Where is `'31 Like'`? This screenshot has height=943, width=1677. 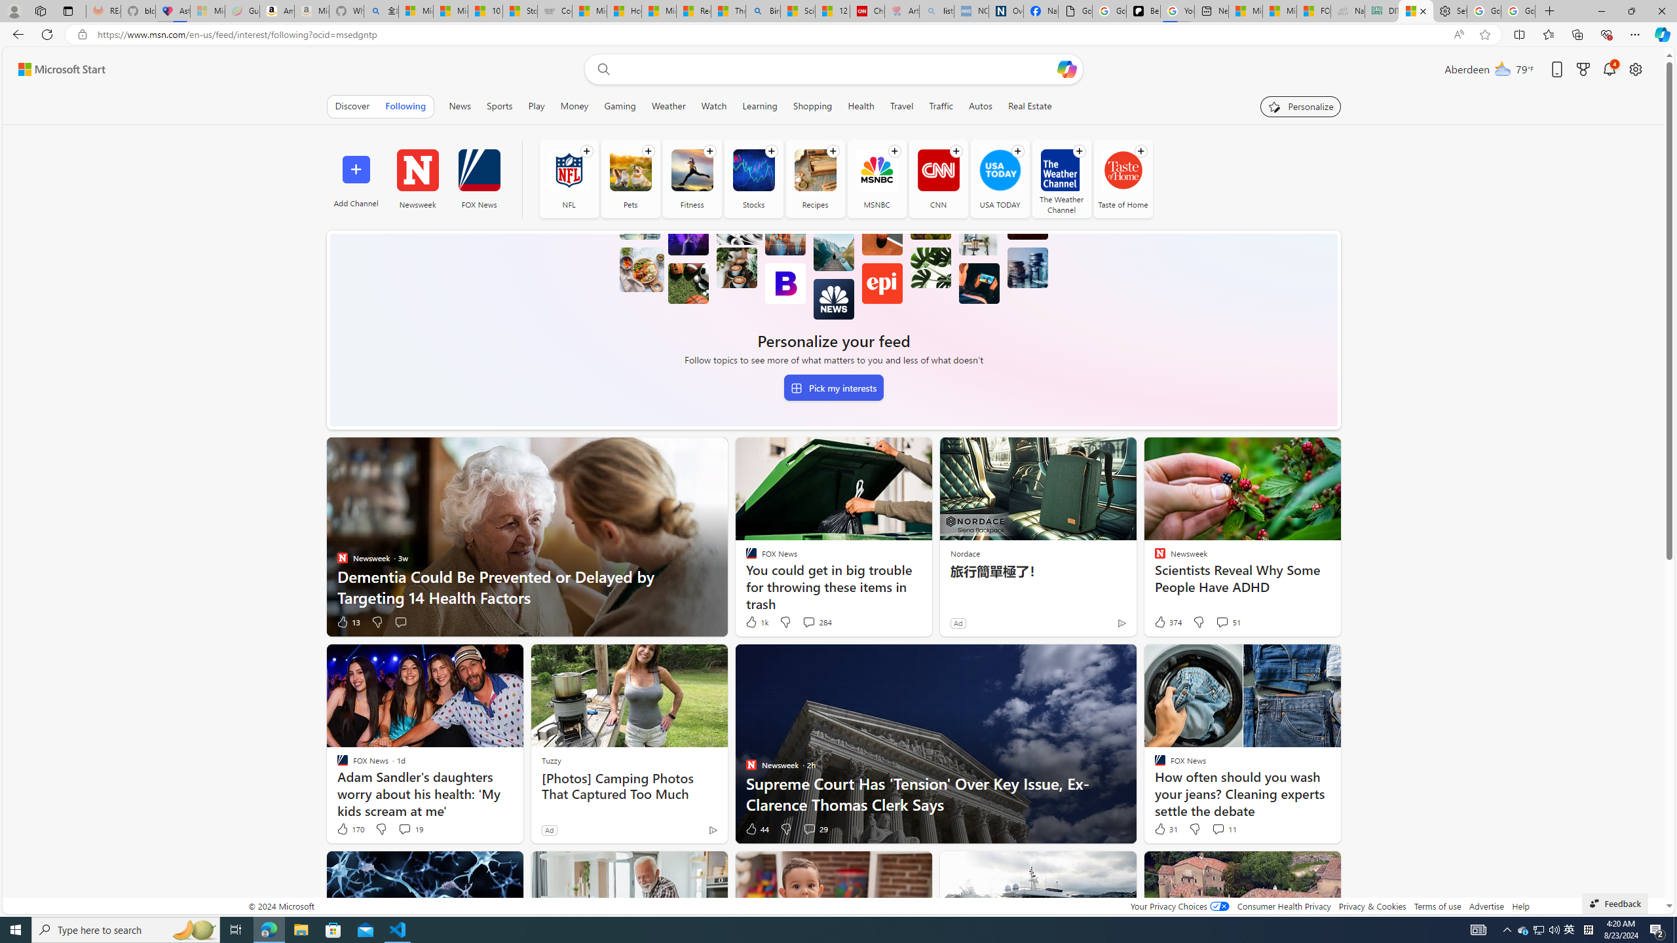
'31 Like' is located at coordinates (1164, 828).